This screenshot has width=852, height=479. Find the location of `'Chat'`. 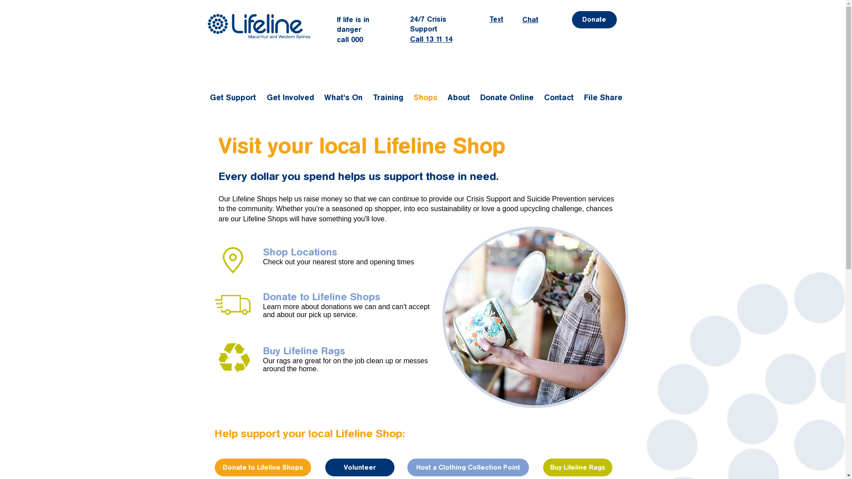

'Chat' is located at coordinates (530, 20).